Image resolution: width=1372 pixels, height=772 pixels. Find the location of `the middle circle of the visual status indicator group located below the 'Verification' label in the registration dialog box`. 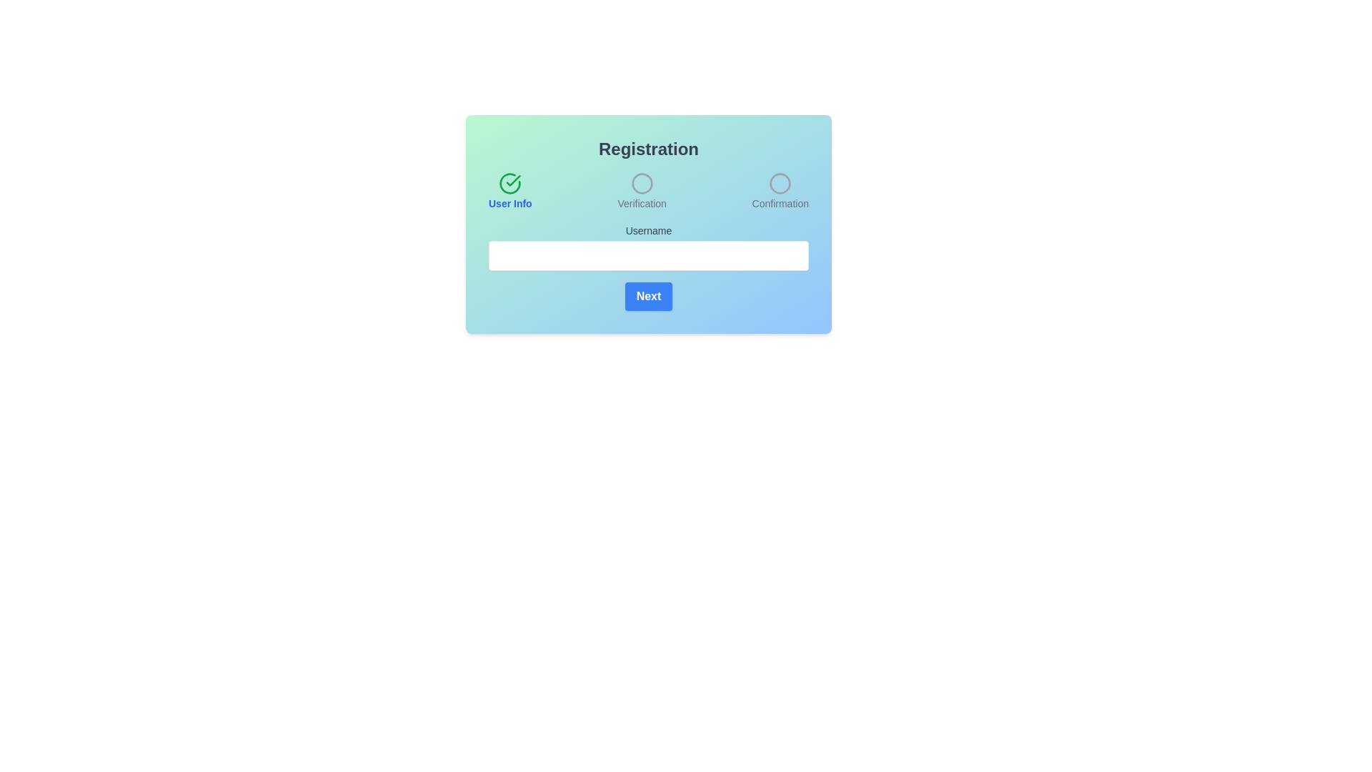

the middle circle of the visual status indicator group located below the 'Verification' label in the registration dialog box is located at coordinates (641, 183).